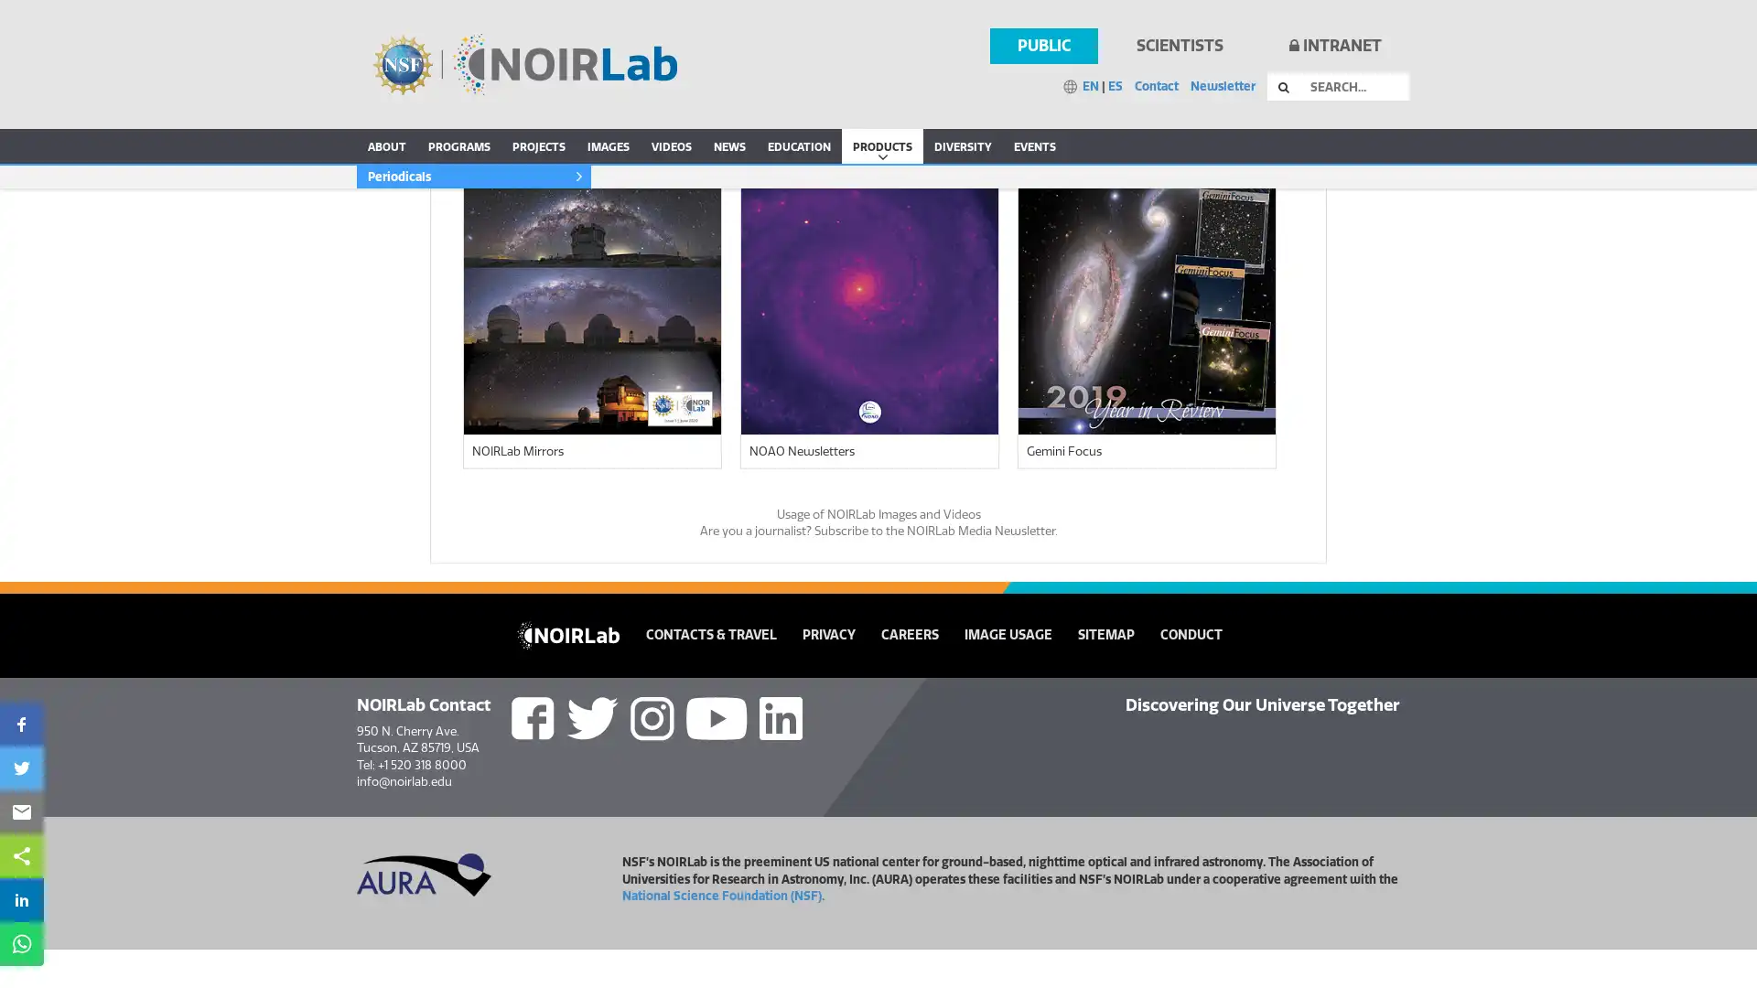 The width and height of the screenshot is (1757, 988). I want to click on INTRANET, so click(1334, 45).